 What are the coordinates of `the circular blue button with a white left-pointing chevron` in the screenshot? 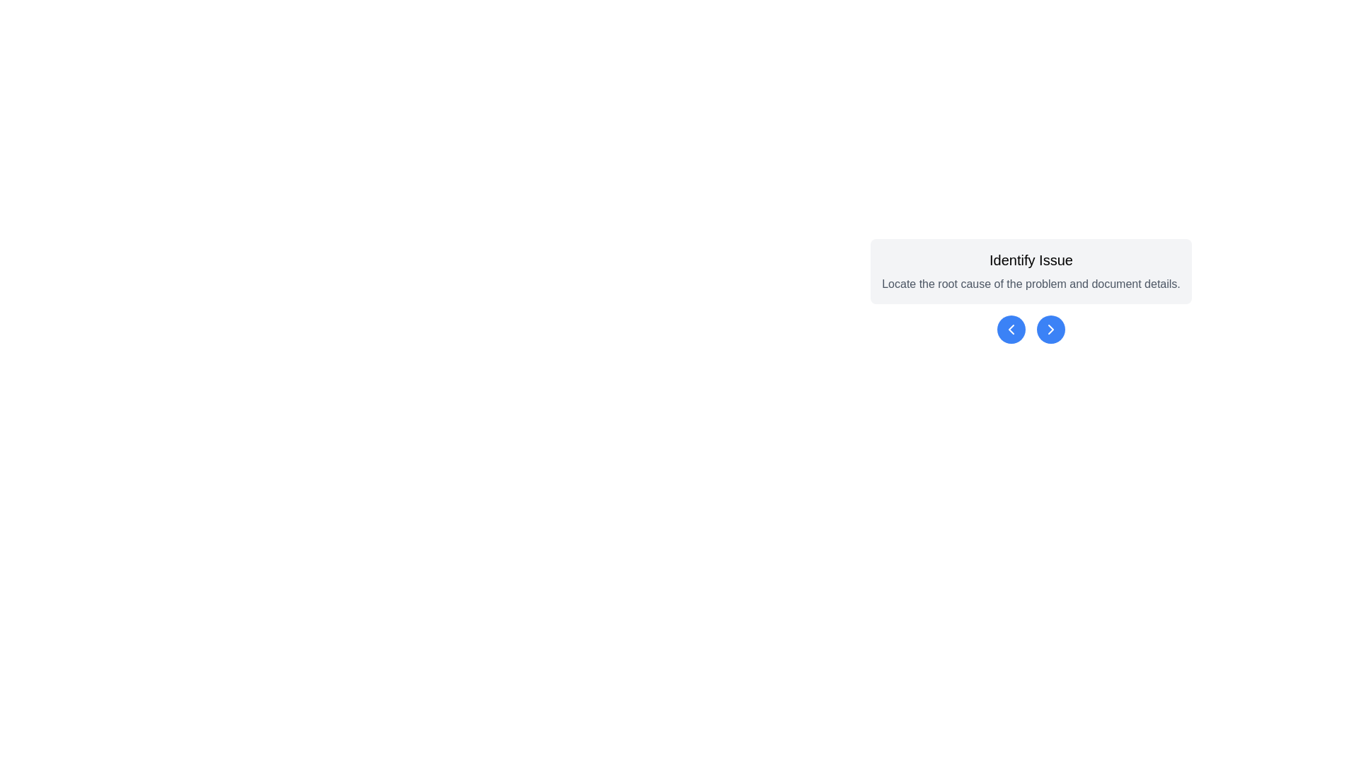 It's located at (1011, 330).